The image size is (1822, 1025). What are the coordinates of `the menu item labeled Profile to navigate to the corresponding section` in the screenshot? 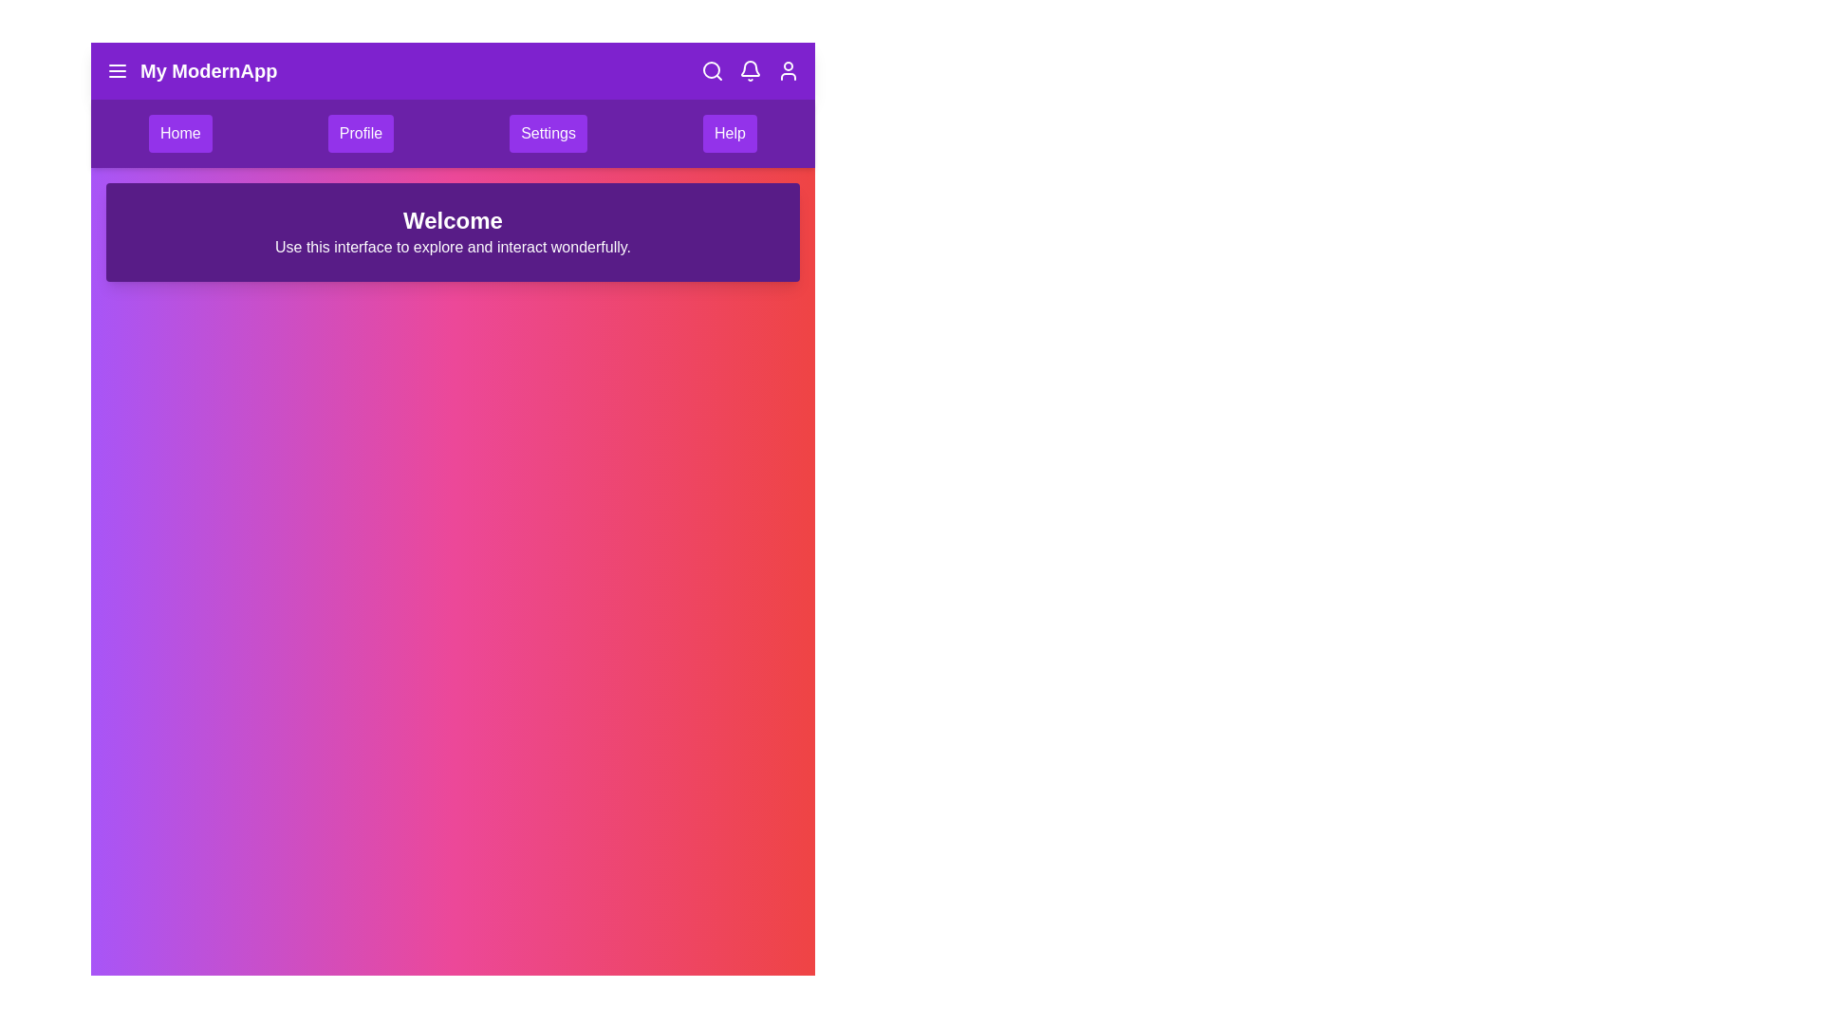 It's located at (360, 133).